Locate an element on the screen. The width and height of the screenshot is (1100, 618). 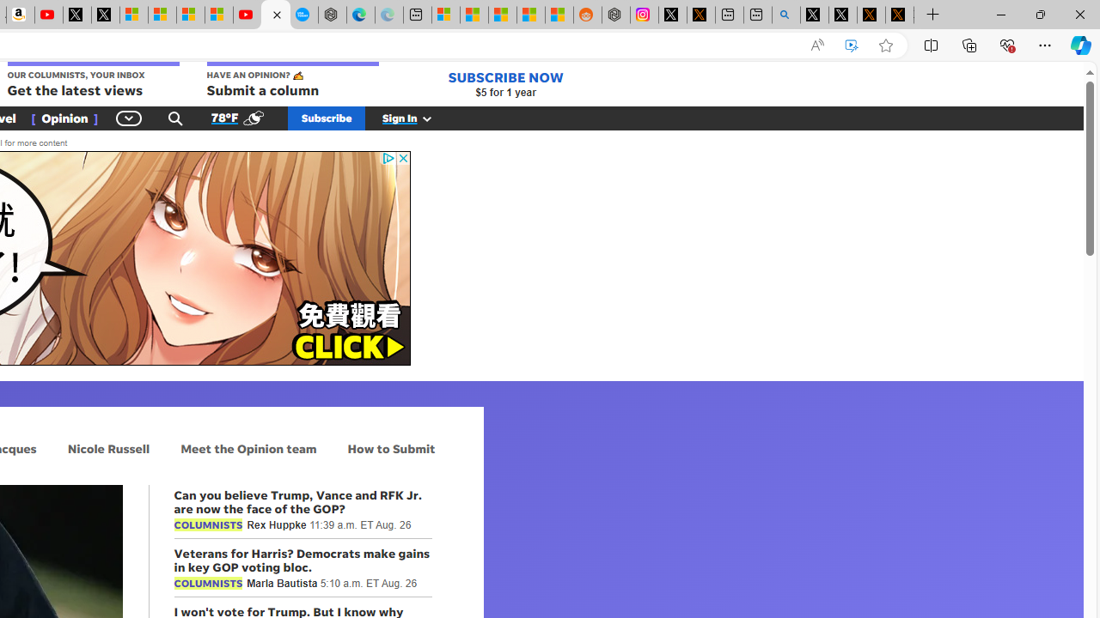
'GitHub (@github) / X' is located at coordinates (843, 15).